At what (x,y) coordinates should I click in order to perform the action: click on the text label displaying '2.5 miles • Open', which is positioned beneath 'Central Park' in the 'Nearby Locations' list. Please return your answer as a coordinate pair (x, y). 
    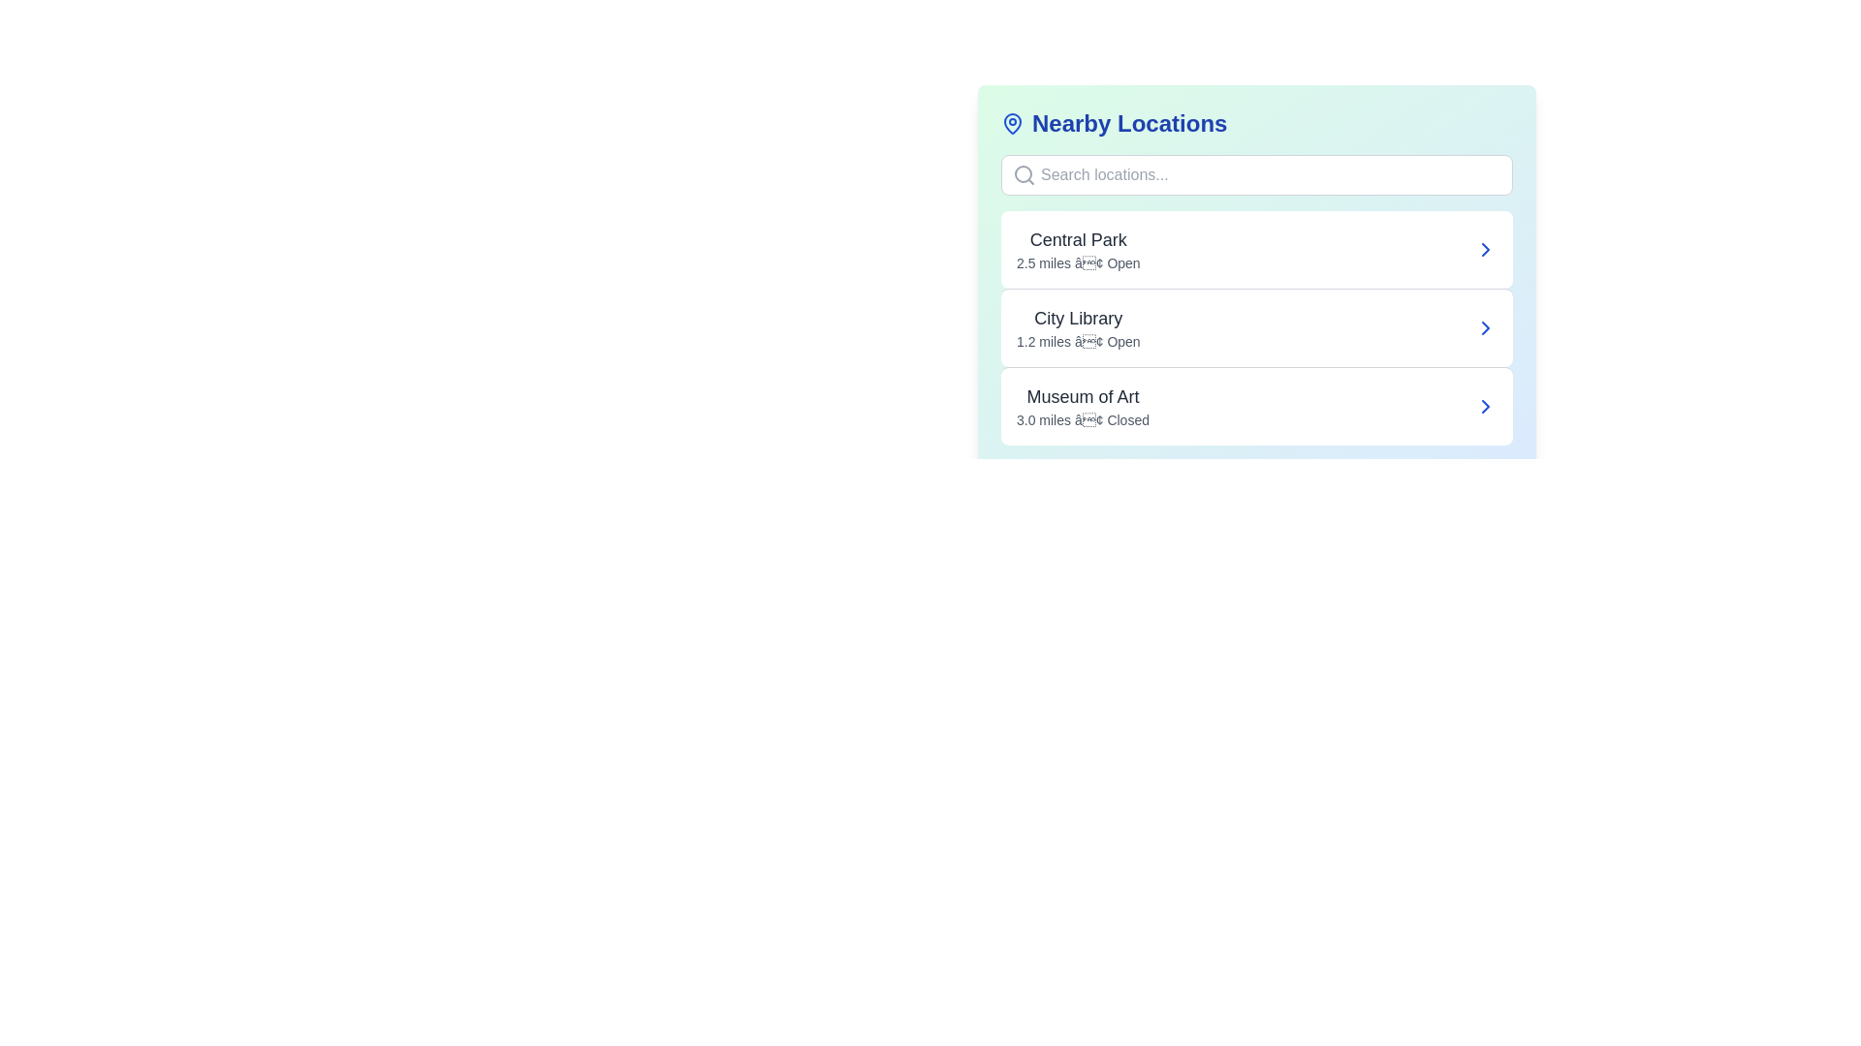
    Looking at the image, I should click on (1077, 263).